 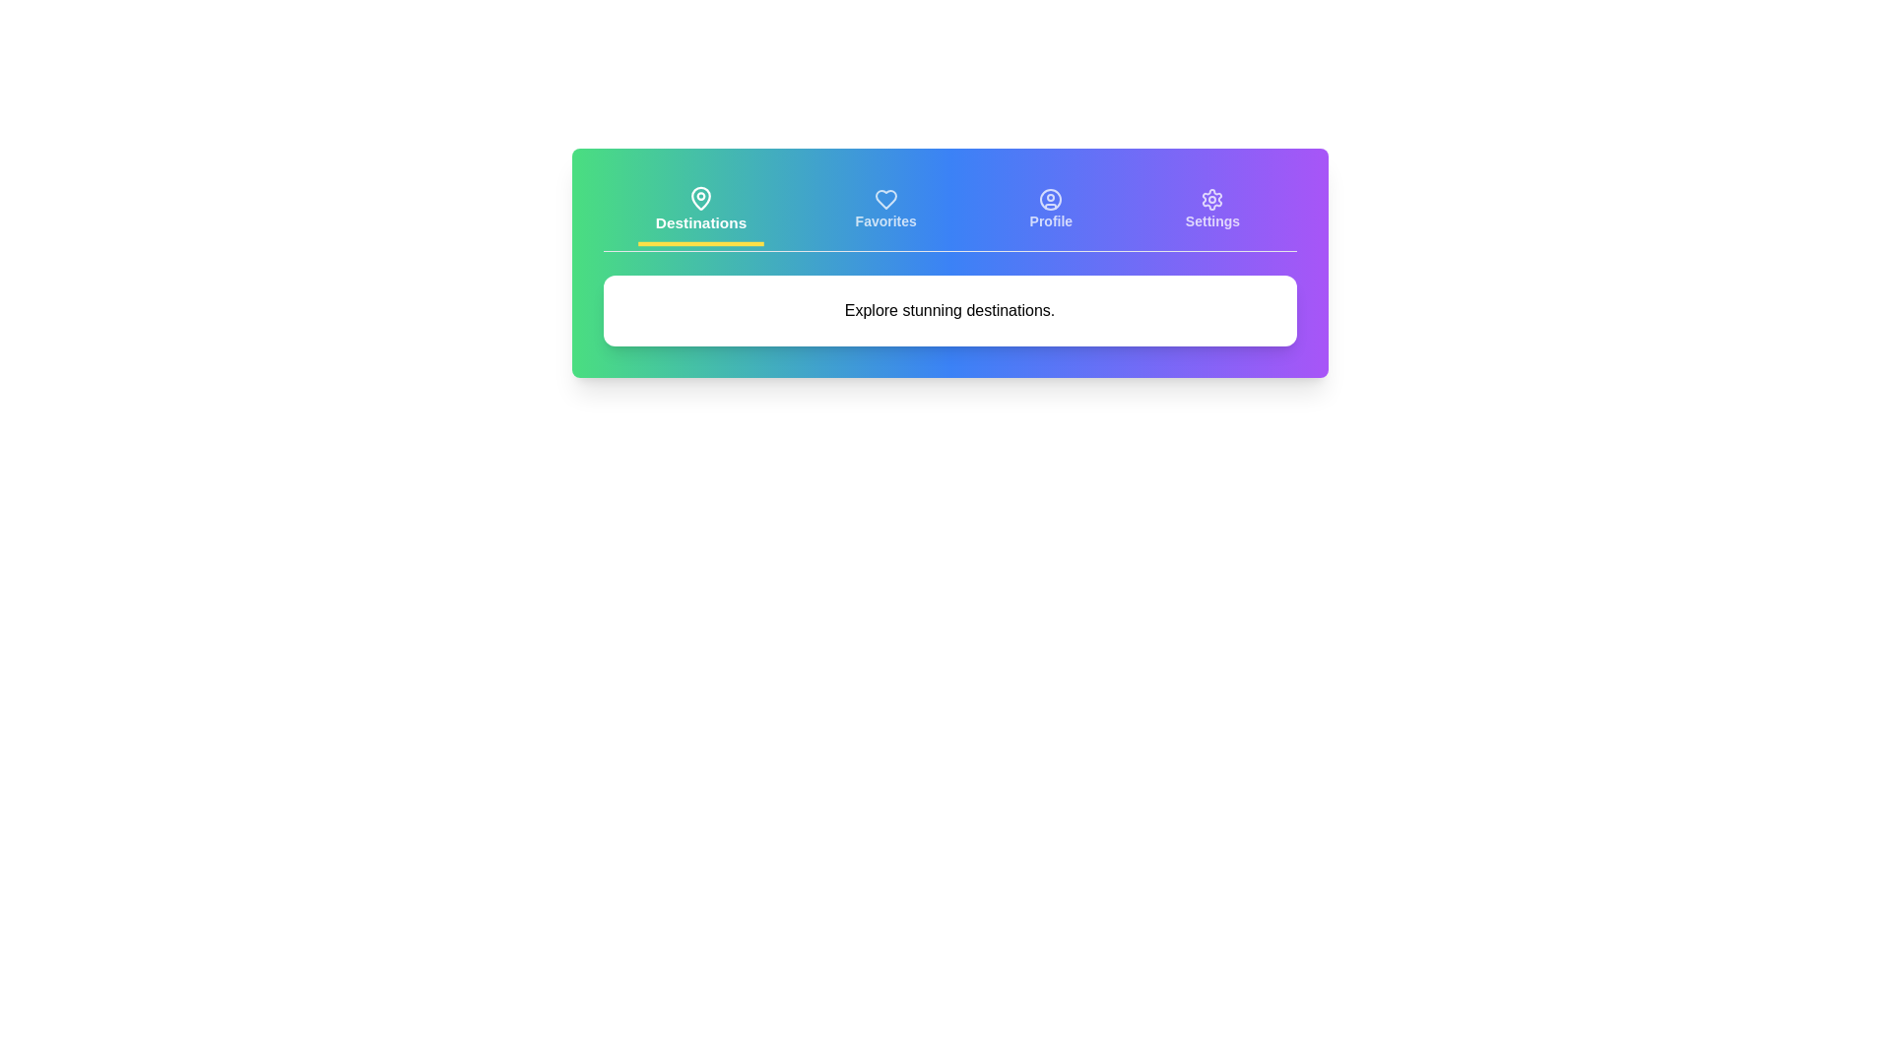 What do you see at coordinates (1211, 212) in the screenshot?
I see `the tab labeled Settings to navigate to its content` at bounding box center [1211, 212].